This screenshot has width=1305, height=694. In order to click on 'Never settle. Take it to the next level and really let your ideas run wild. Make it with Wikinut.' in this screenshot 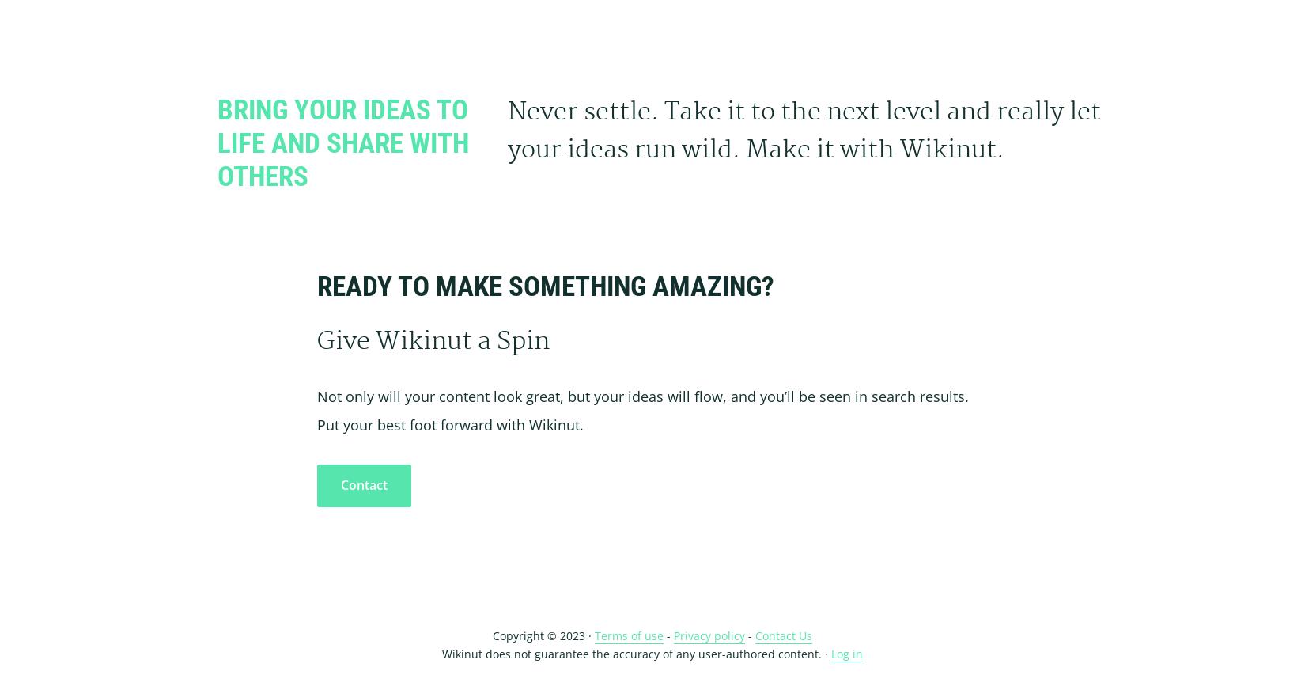, I will do `click(804, 131)`.